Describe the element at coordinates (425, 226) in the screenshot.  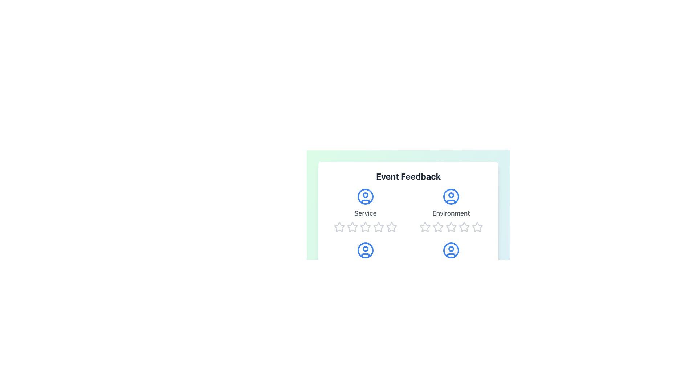
I see `the second star icon in the rating system for the 'Environment' category to indicate satisfaction` at that location.